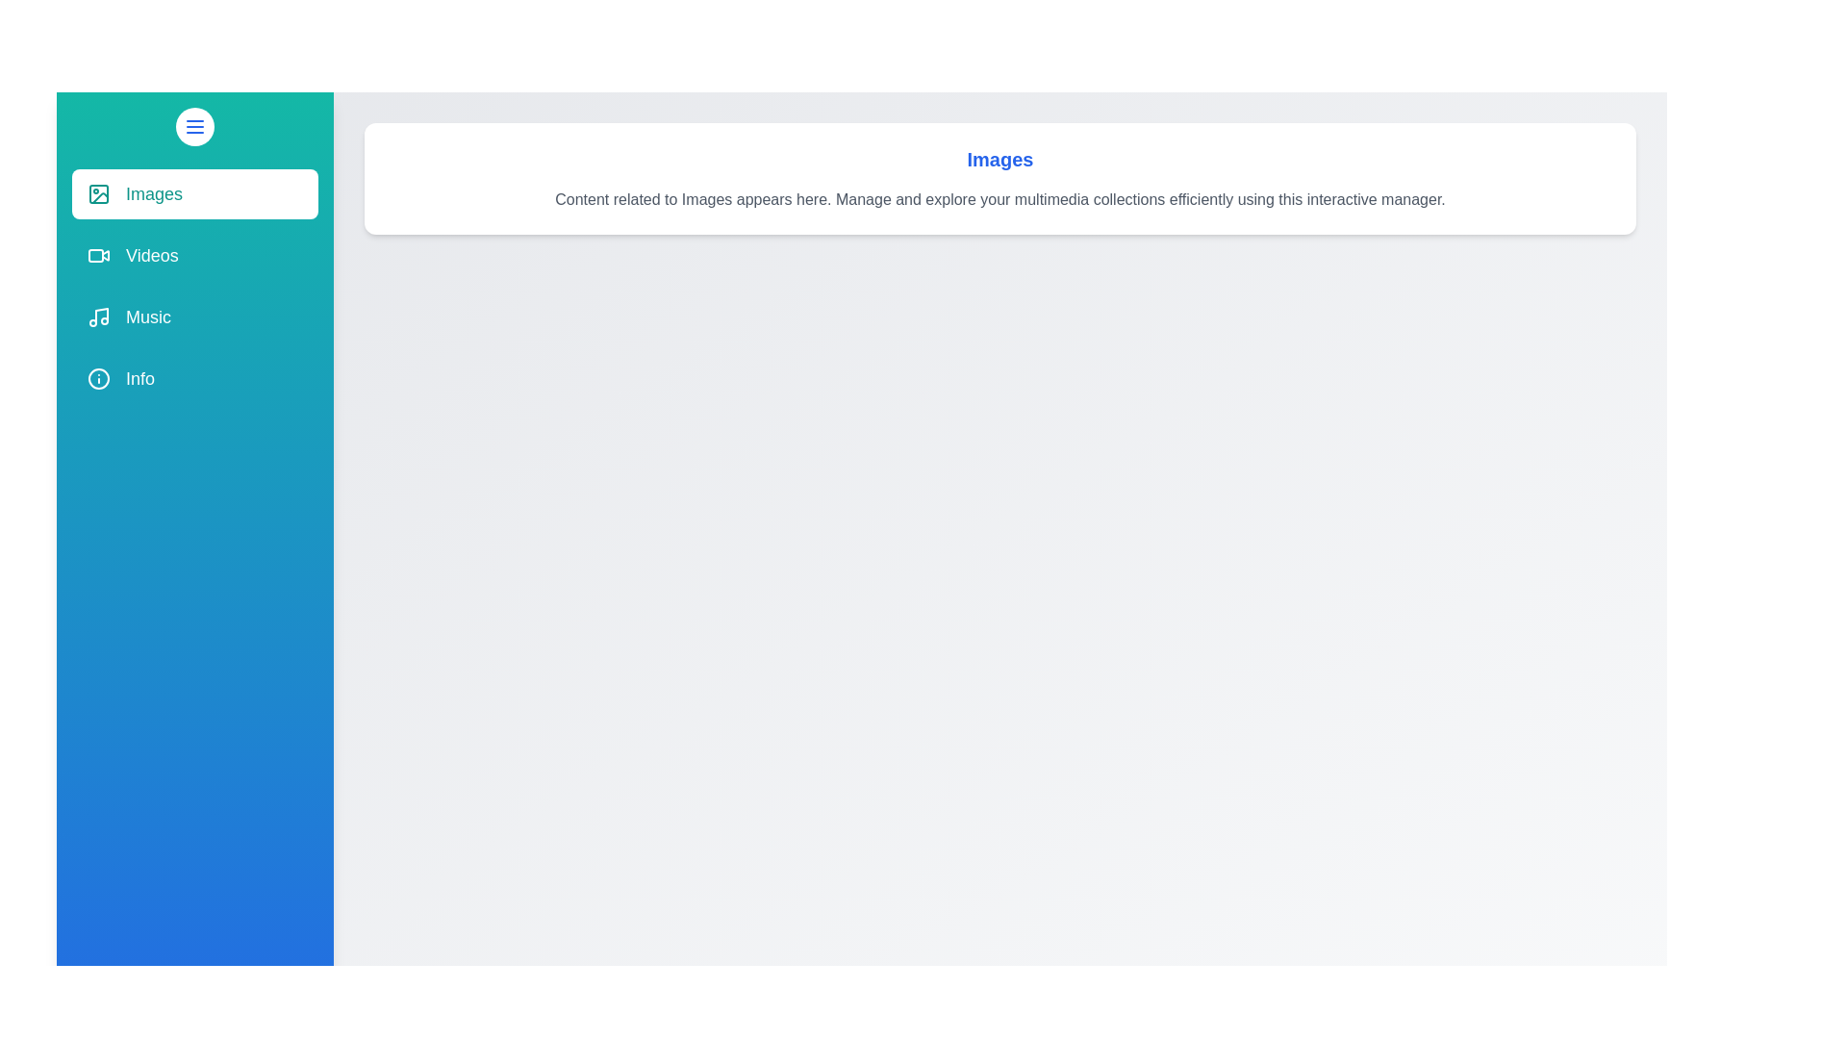  I want to click on the section Images to select it, so click(194, 193).